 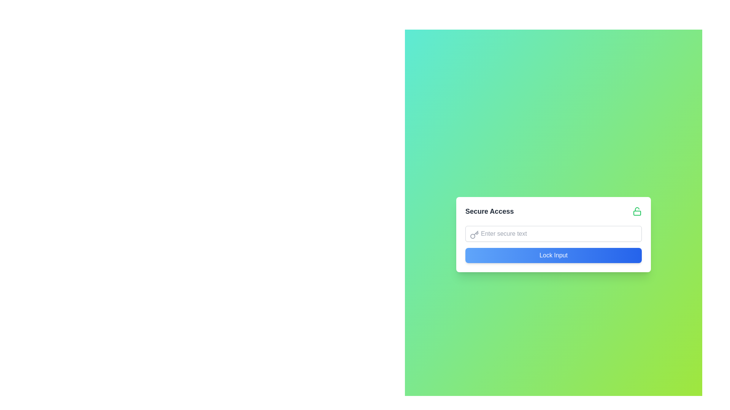 I want to click on the lock icon located at the far right of the 'Secure Access' header, so click(x=637, y=211).